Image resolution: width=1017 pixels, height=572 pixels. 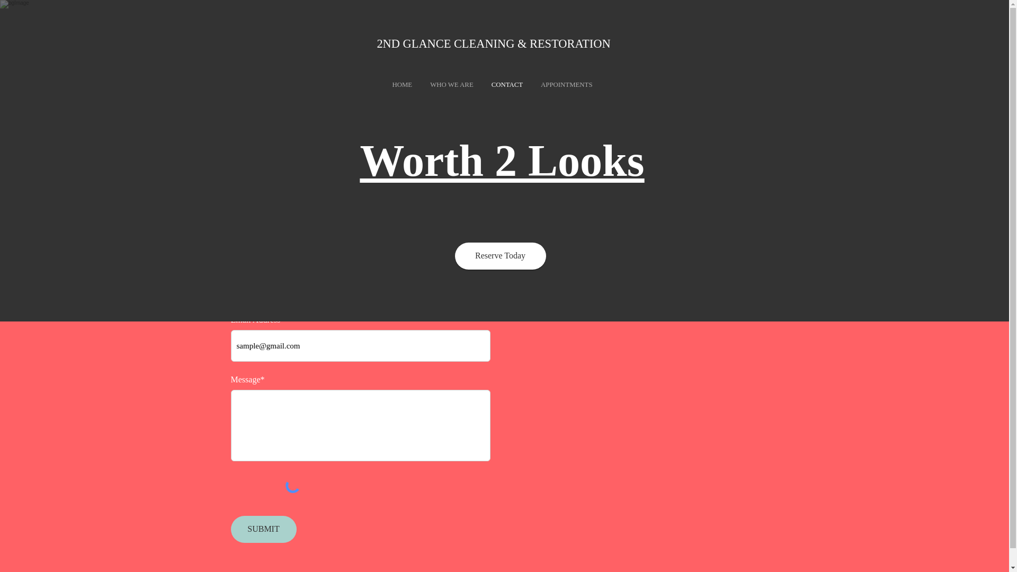 I want to click on 'CONTACT', so click(x=506, y=85).